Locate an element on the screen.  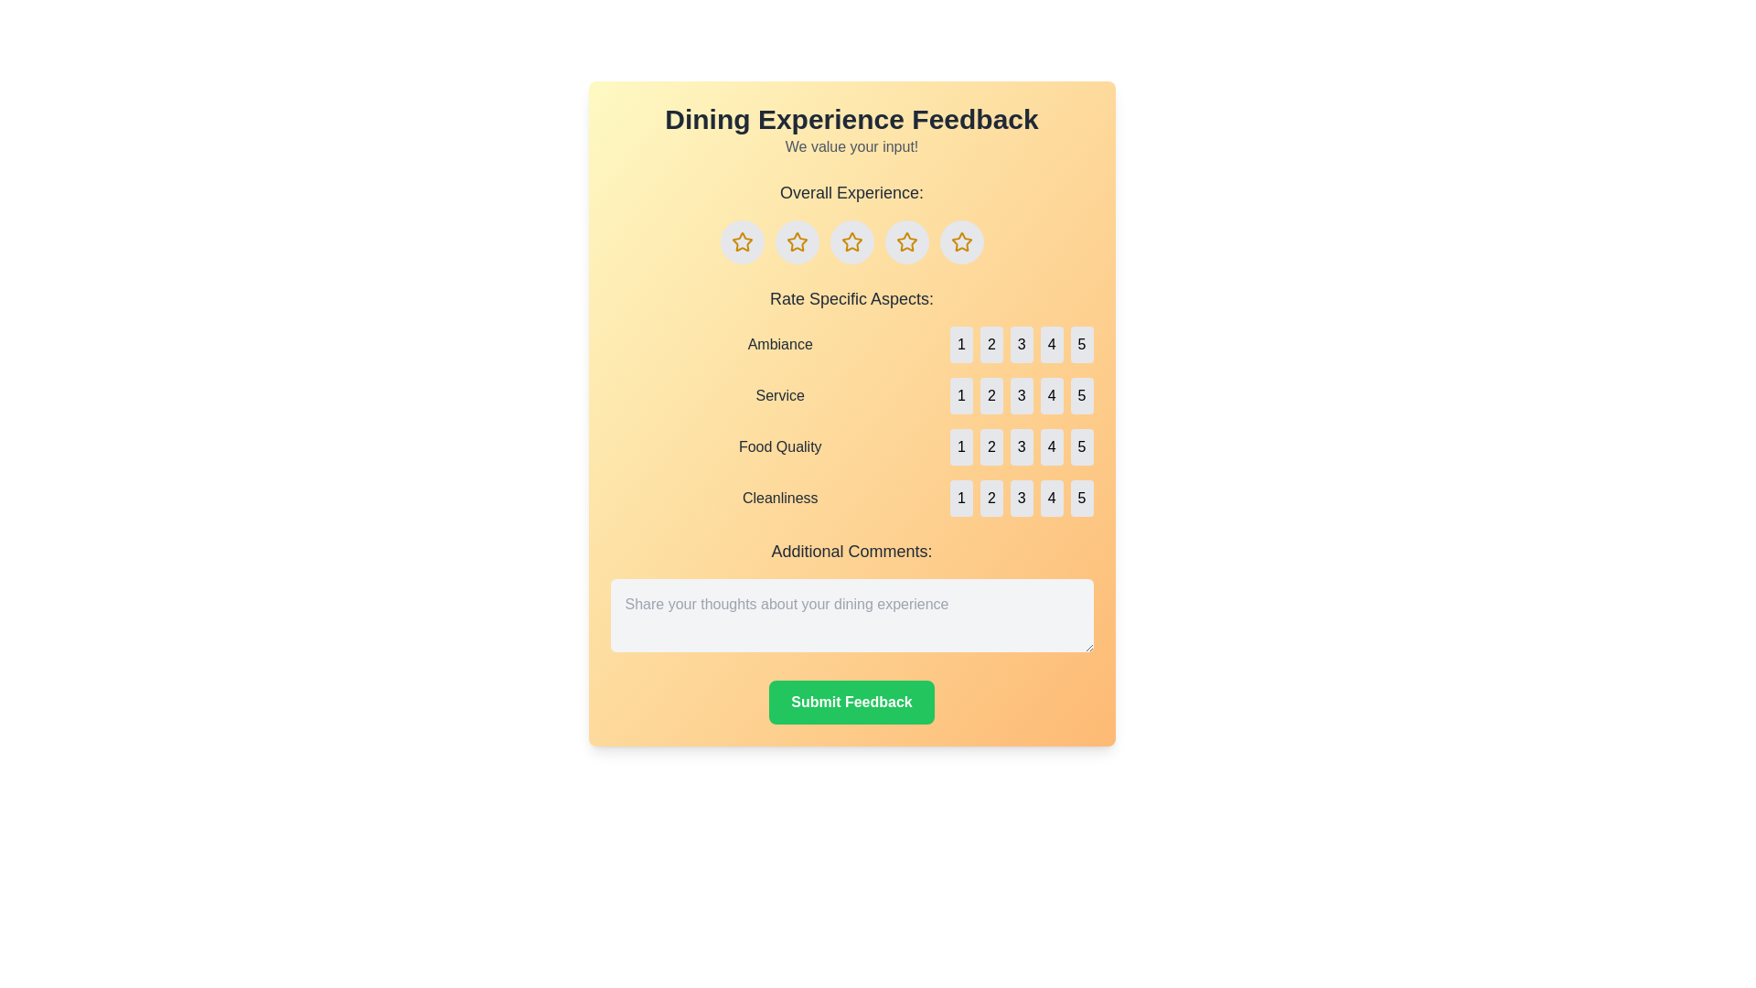
the text element displaying 'Cleanliness', which is a bold, dark gray label for a rating system, positioned in the fourth row of the 'Rate Specific Aspects' section is located at coordinates (780, 498).